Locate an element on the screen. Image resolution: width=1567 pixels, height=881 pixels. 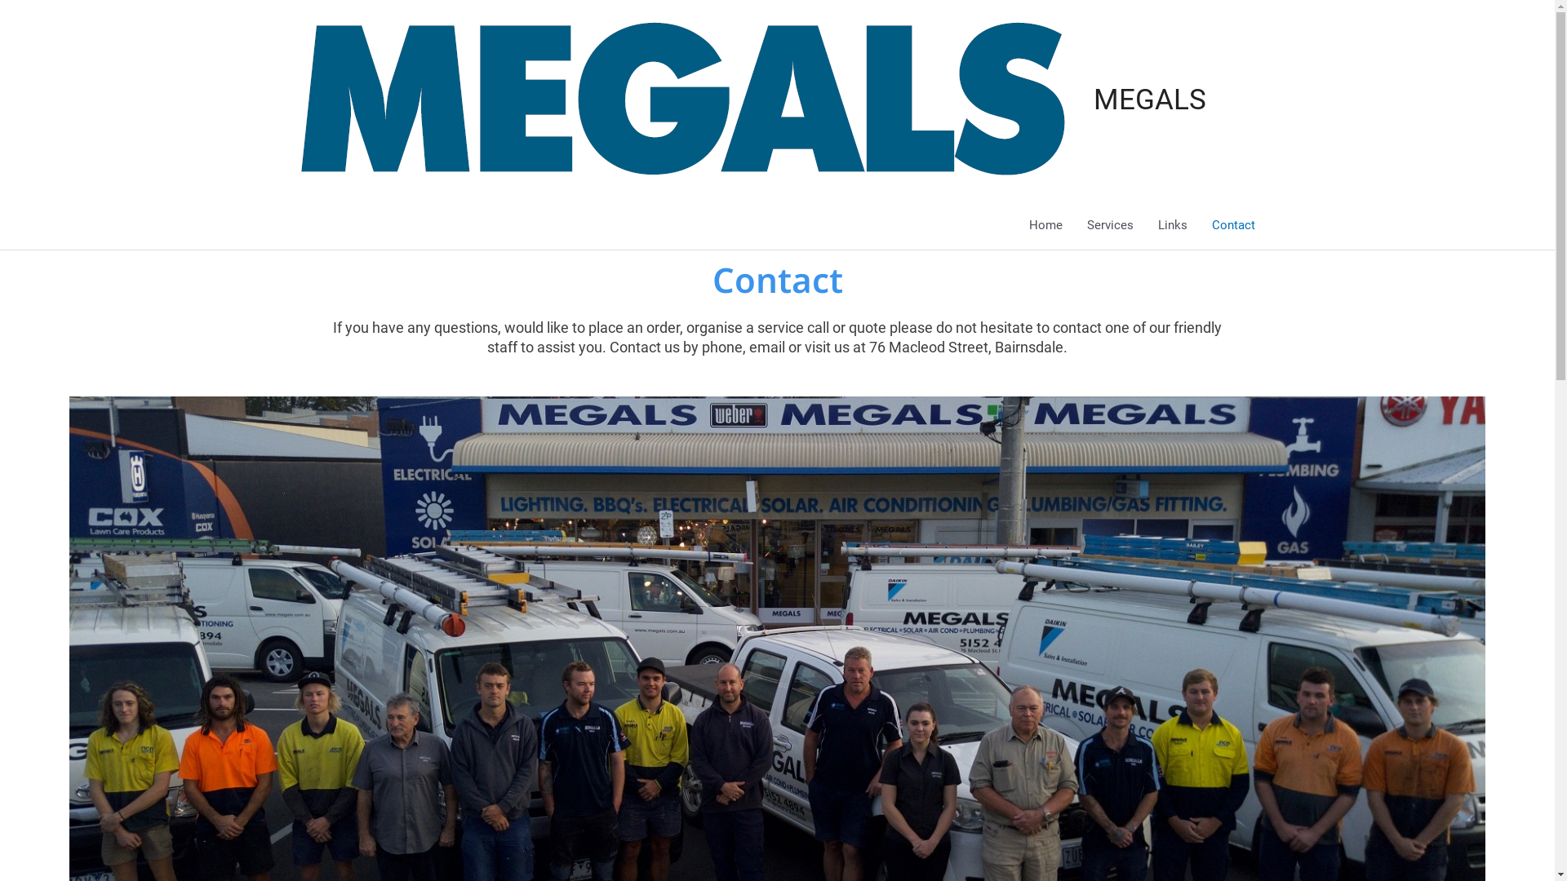
'Services' is located at coordinates (1073, 225).